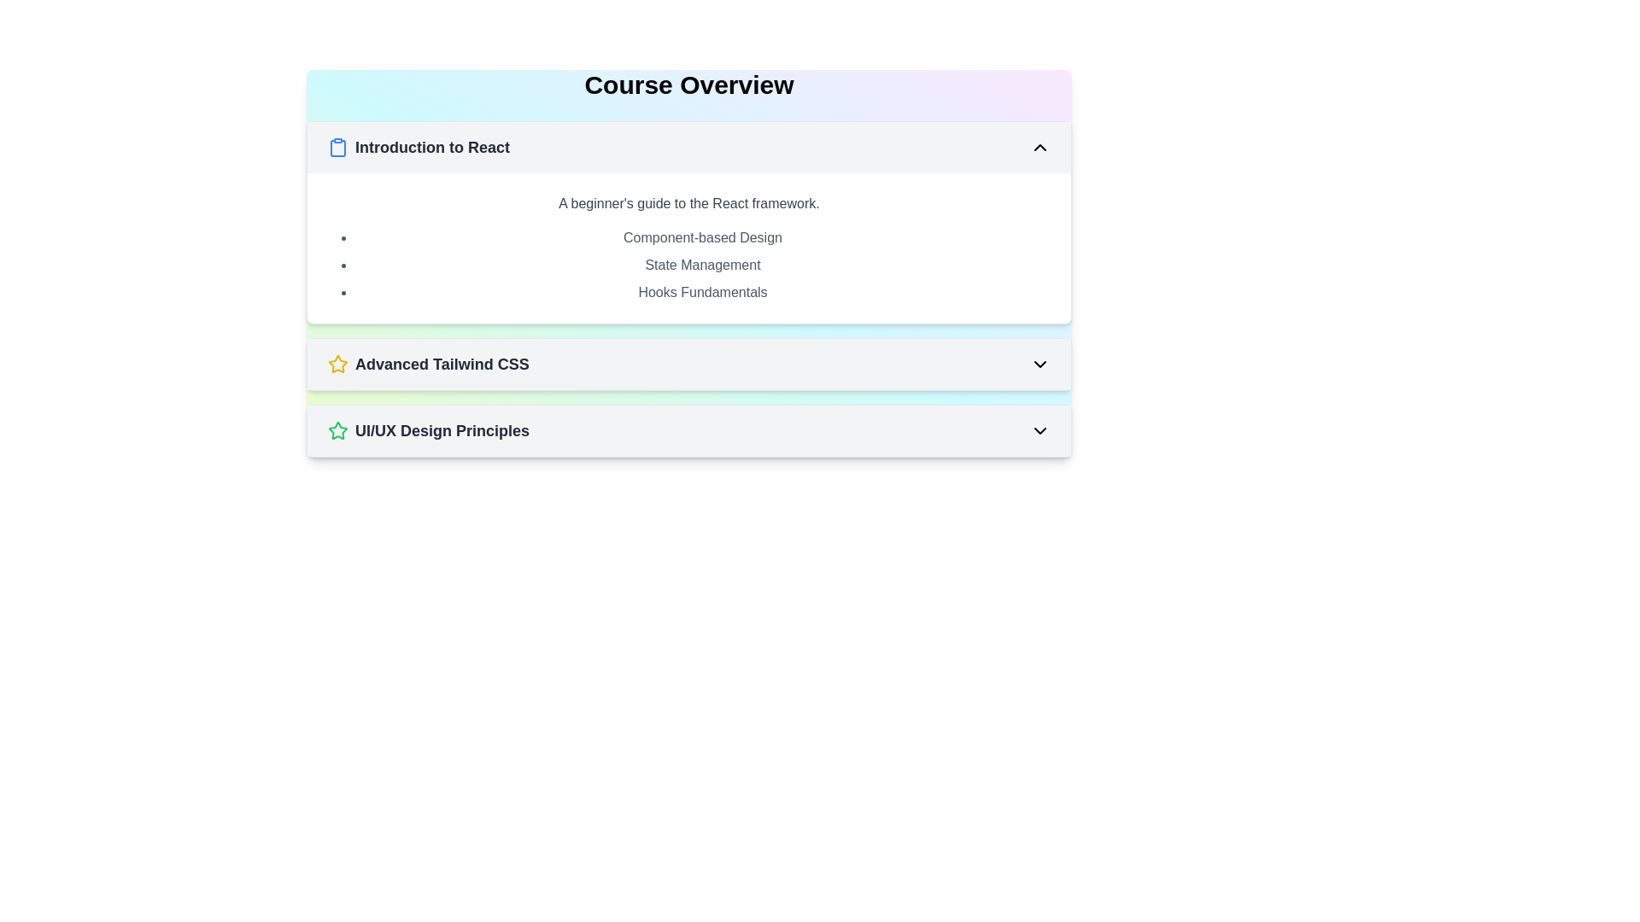  Describe the element at coordinates (442, 430) in the screenshot. I see `text label displaying 'UI/UX Design Principles', which is bold and dark gray, located in the last row of the course overview content list, to the right of a green star icon` at that location.